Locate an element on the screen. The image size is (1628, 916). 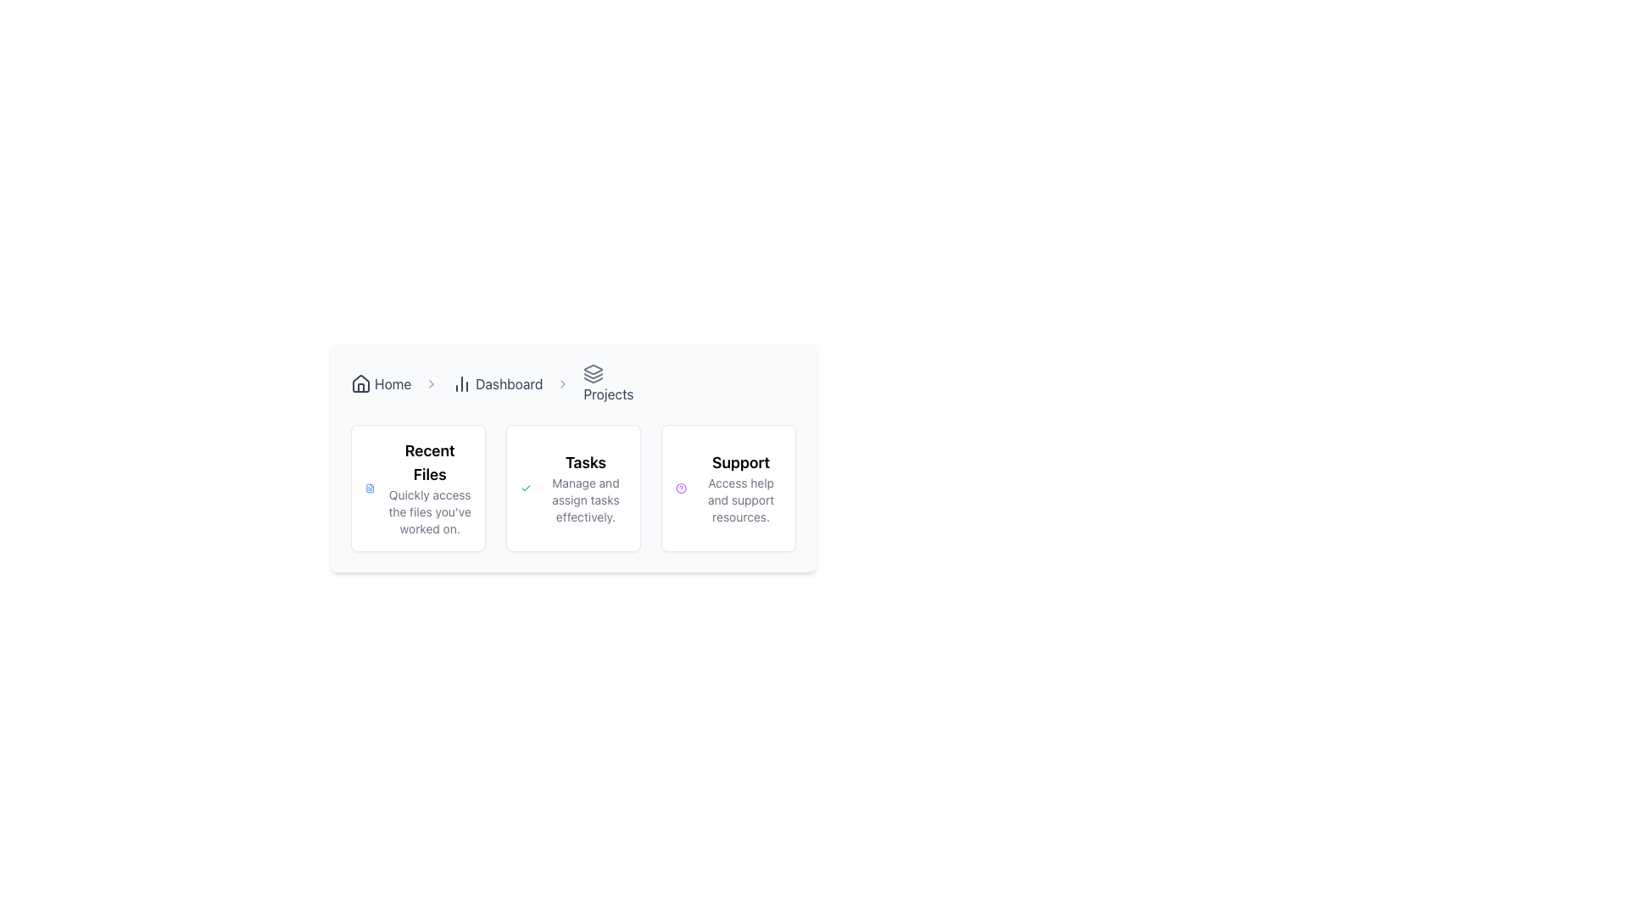
the gray stacked layers icon in the breadcrumb navigation bar, positioned before the 'Projects' text is located at coordinates (594, 372).